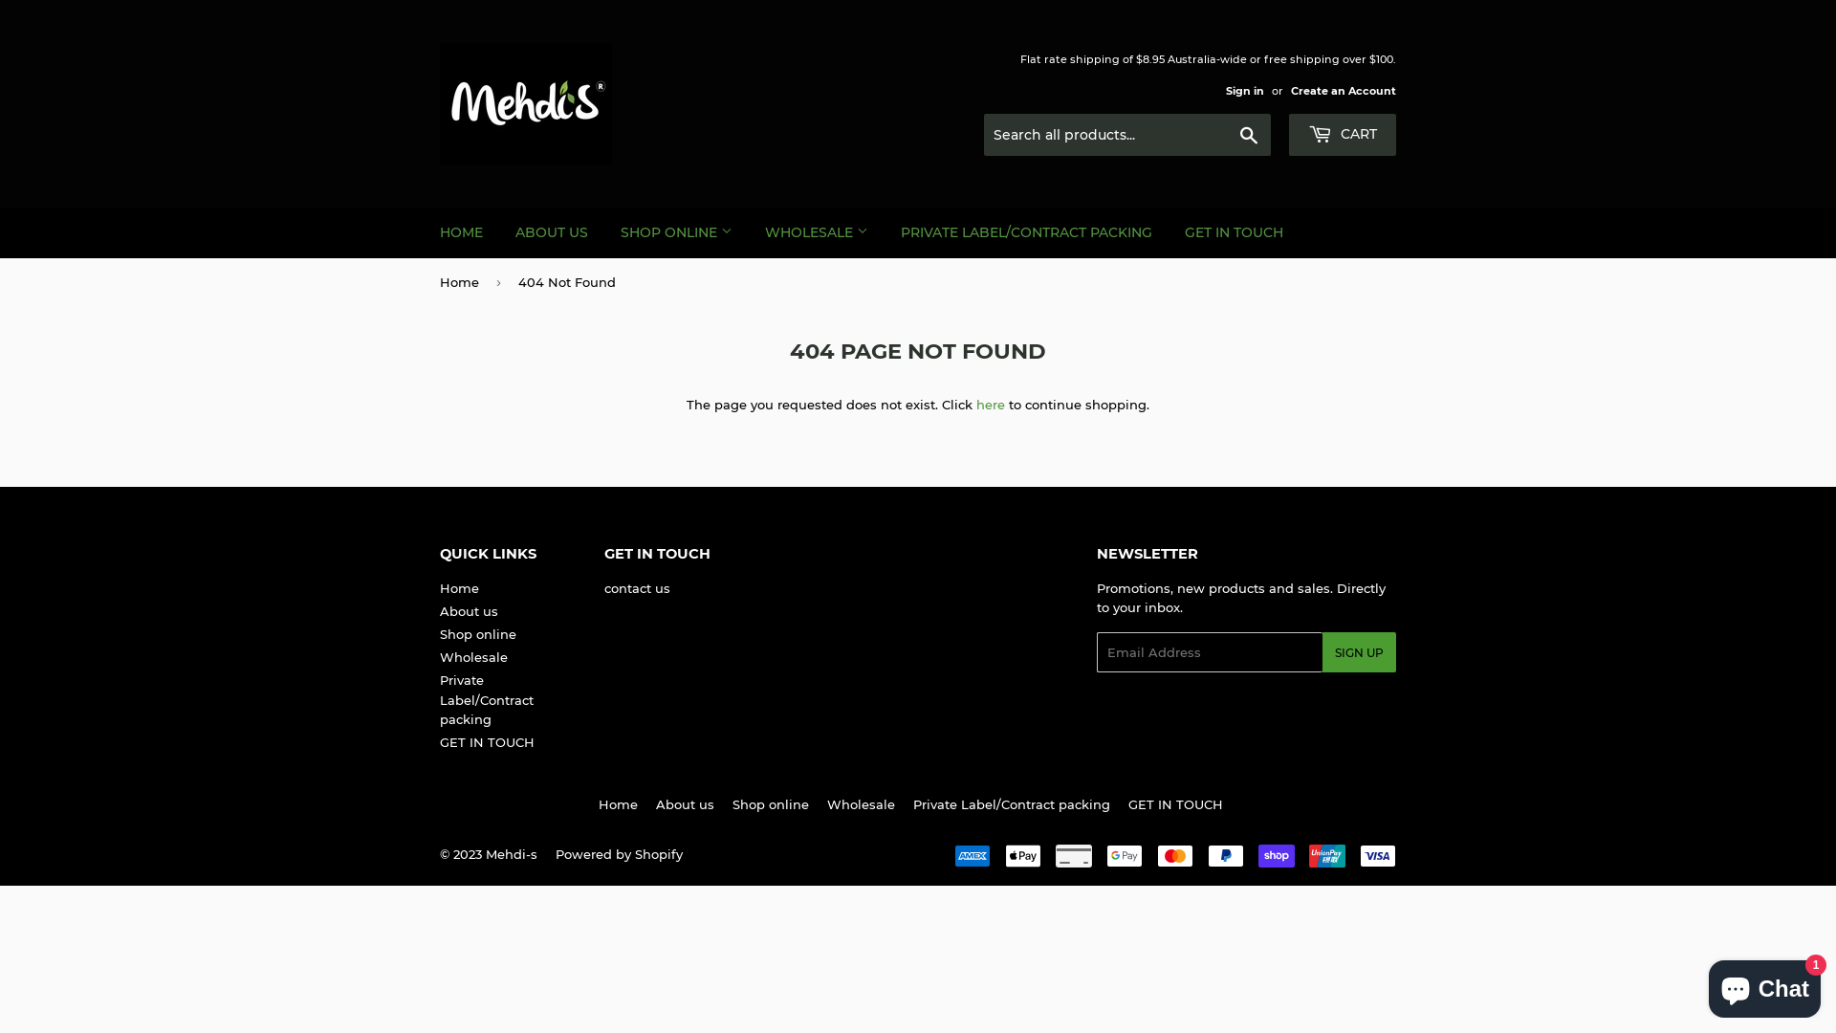 This screenshot has width=1836, height=1033. I want to click on 'HOME', so click(425, 231).